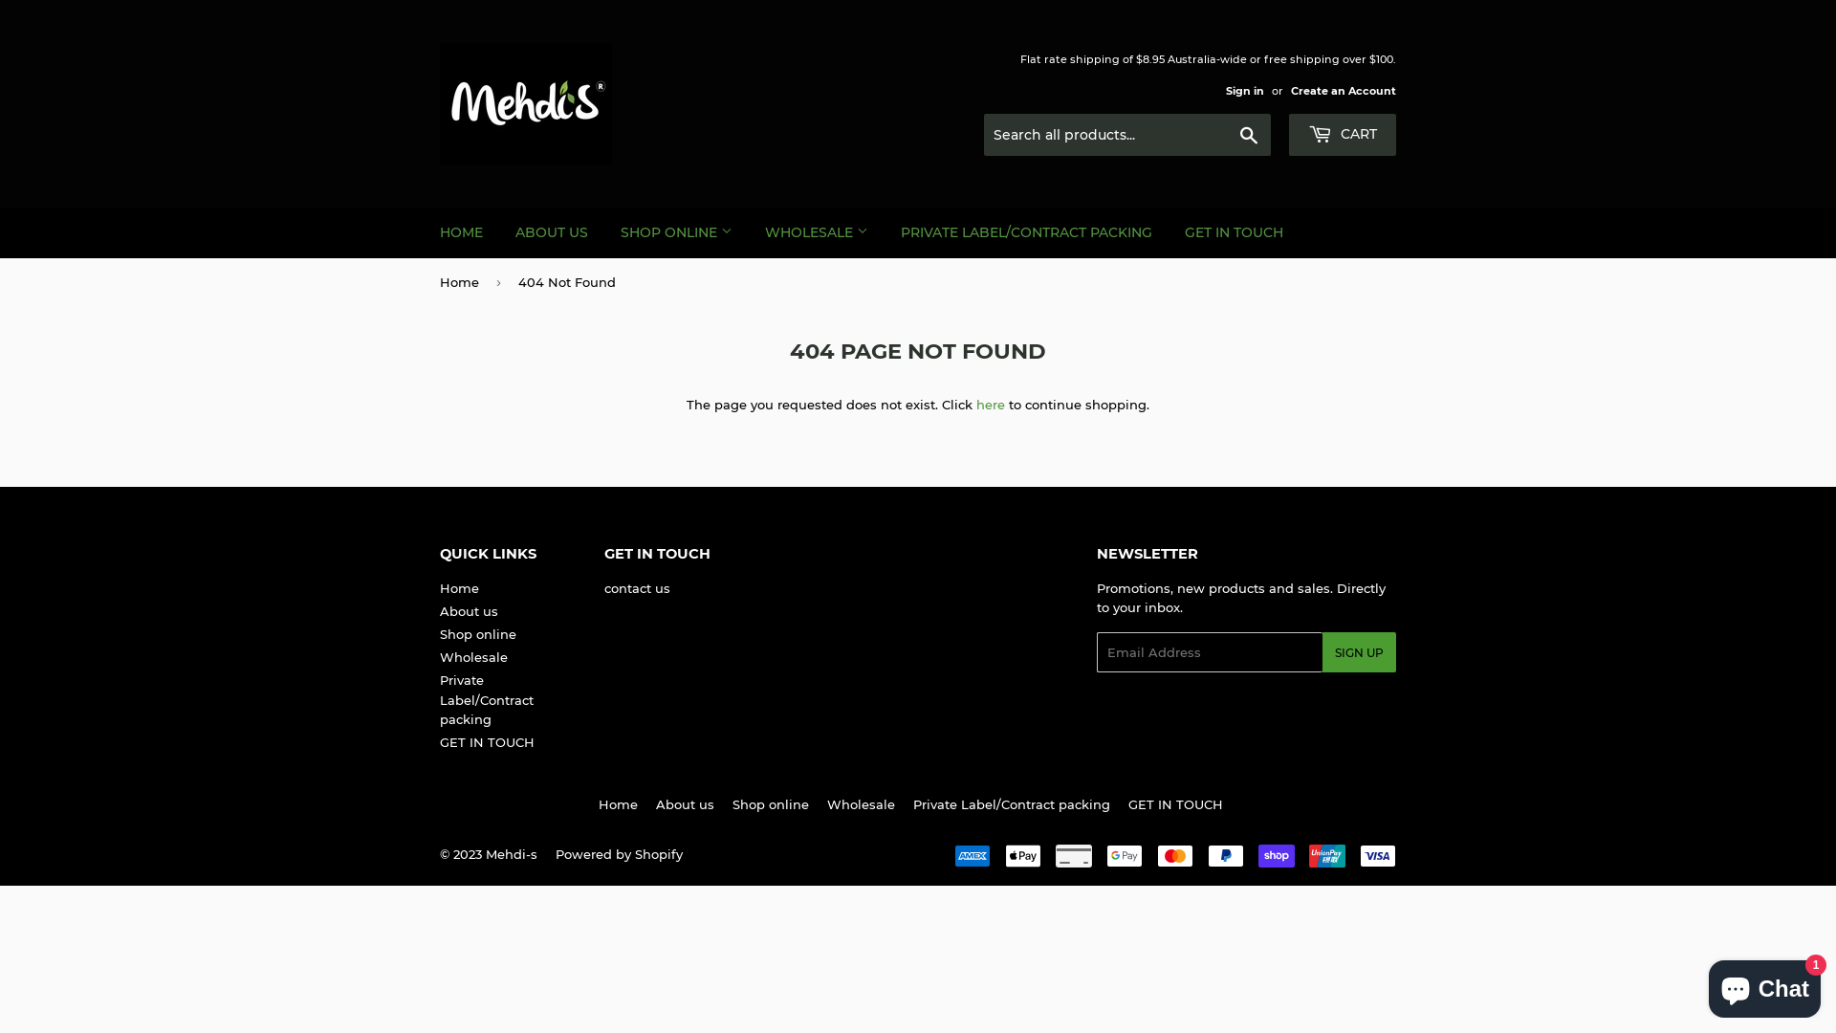 This screenshot has width=1836, height=1033. I want to click on 'HOME', so click(425, 231).